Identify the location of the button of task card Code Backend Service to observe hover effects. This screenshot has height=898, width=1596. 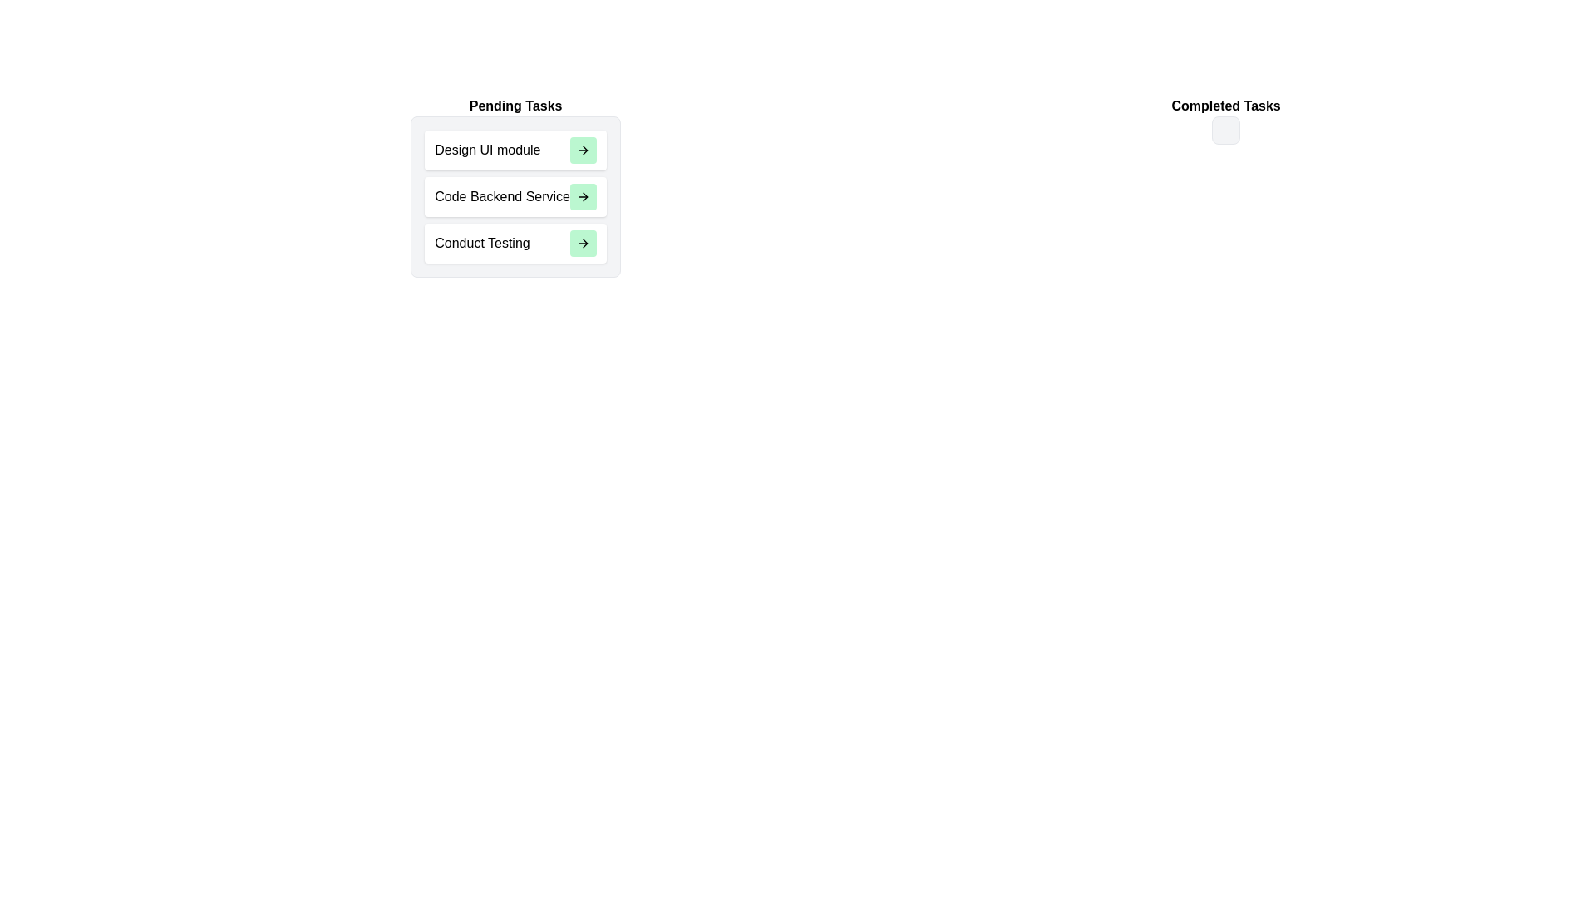
(583, 195).